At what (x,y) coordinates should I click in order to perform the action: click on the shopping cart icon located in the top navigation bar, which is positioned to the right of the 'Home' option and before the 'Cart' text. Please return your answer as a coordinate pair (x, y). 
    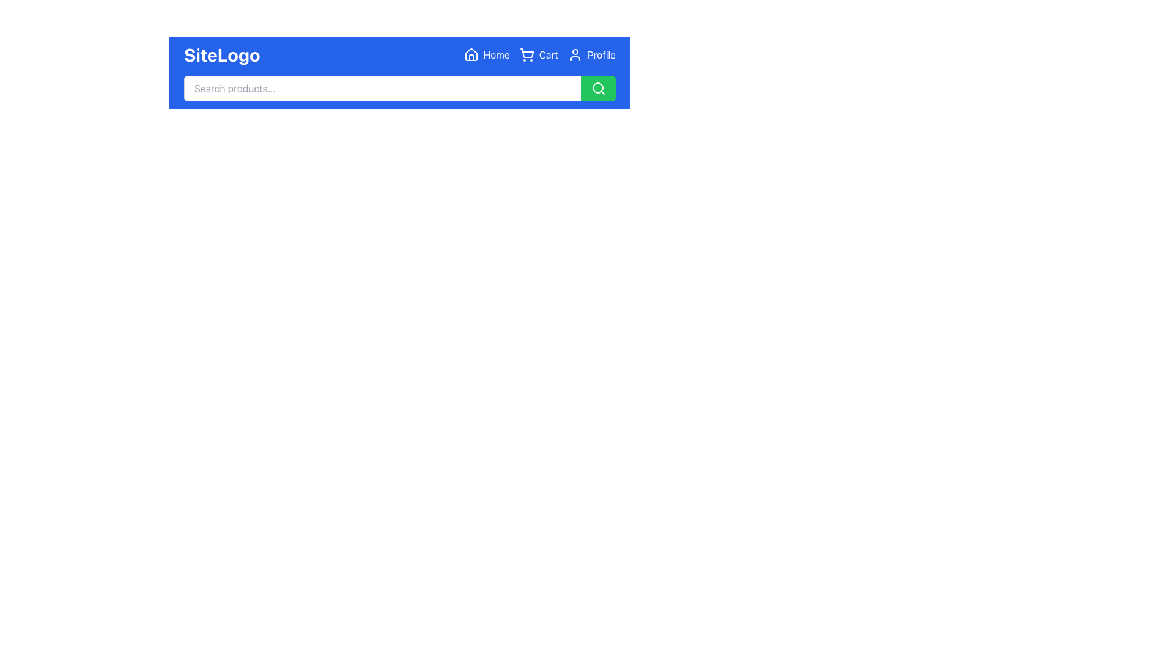
    Looking at the image, I should click on (526, 54).